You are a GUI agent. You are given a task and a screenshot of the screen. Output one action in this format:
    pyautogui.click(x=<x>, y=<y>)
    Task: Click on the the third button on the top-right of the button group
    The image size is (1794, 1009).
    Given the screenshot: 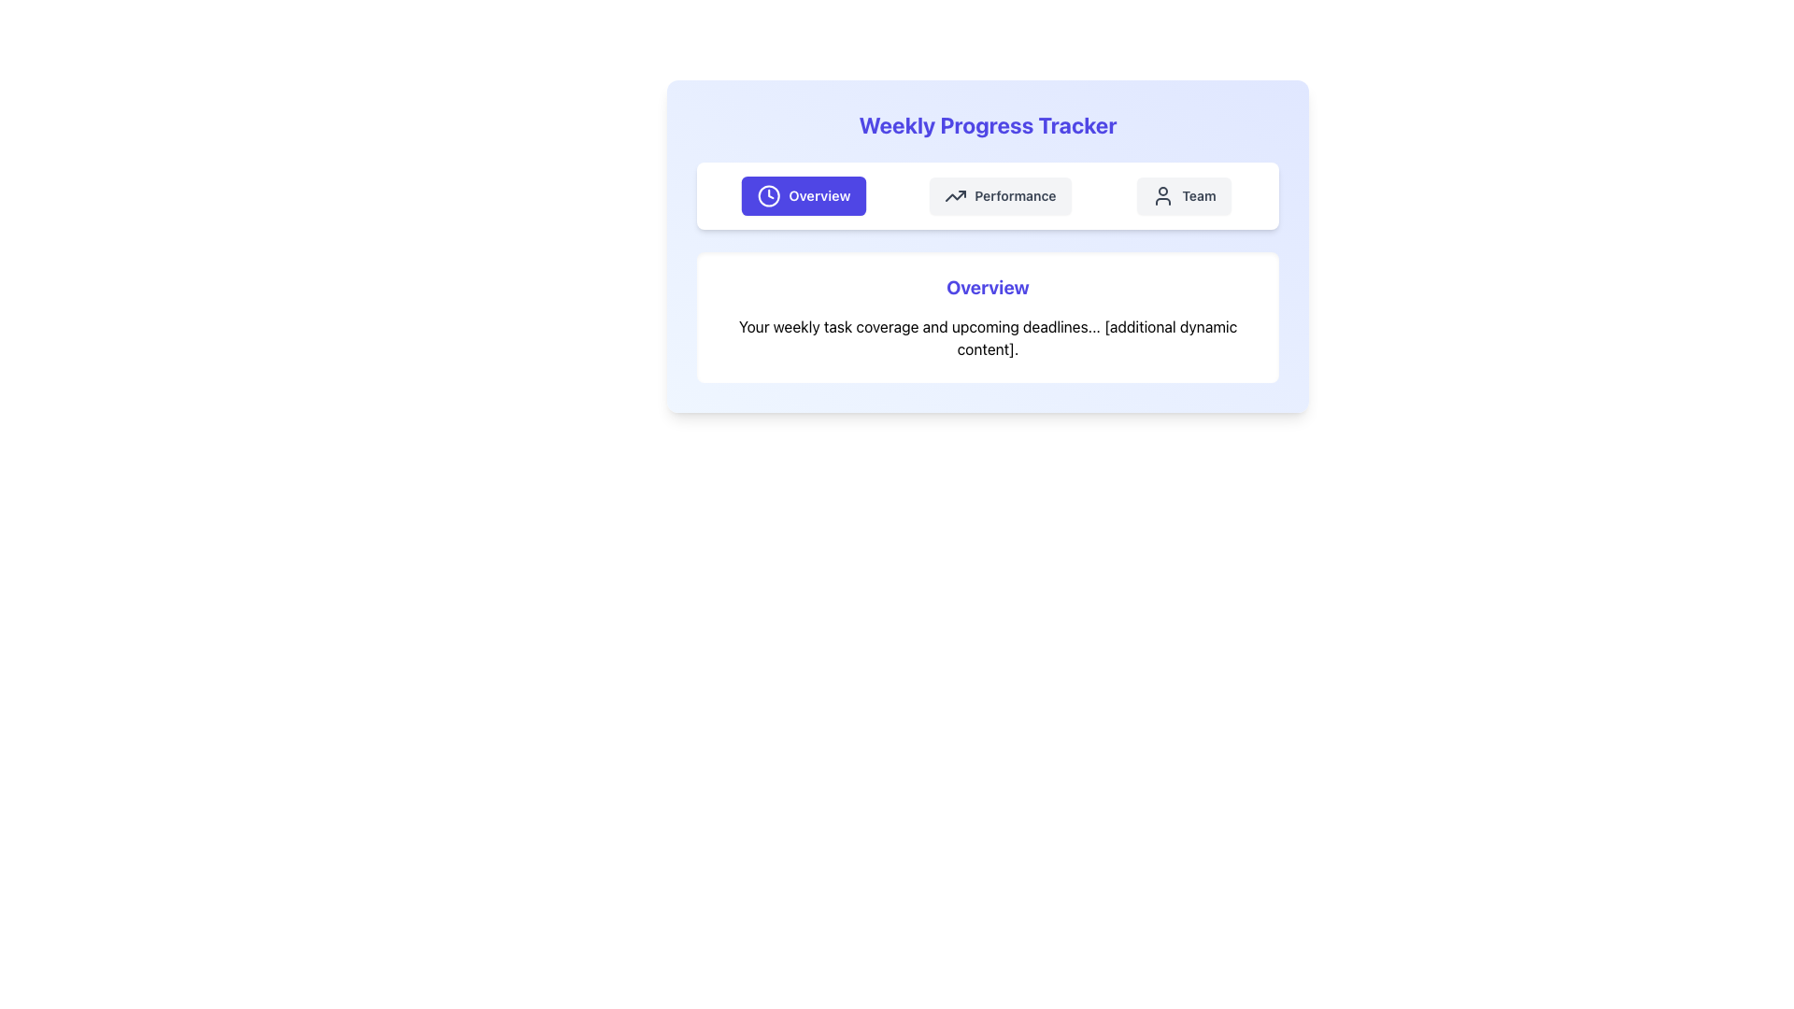 What is the action you would take?
    pyautogui.click(x=1183, y=195)
    